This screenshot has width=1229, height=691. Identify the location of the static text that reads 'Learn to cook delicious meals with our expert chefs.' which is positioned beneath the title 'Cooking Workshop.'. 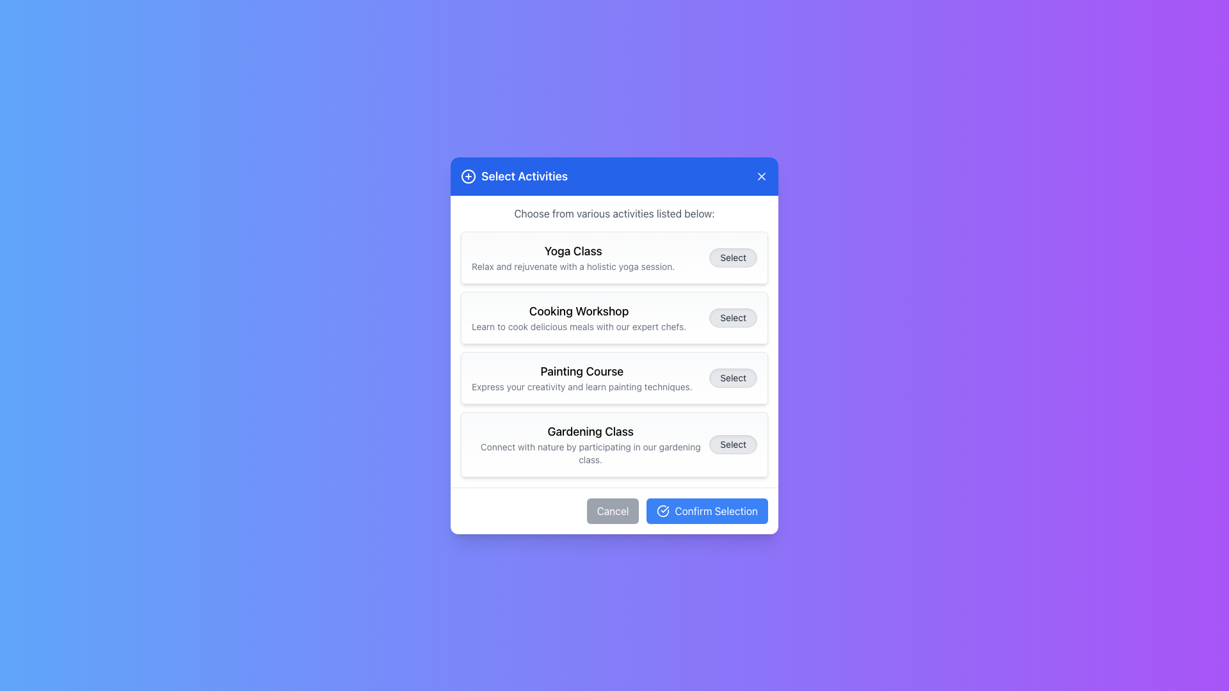
(578, 326).